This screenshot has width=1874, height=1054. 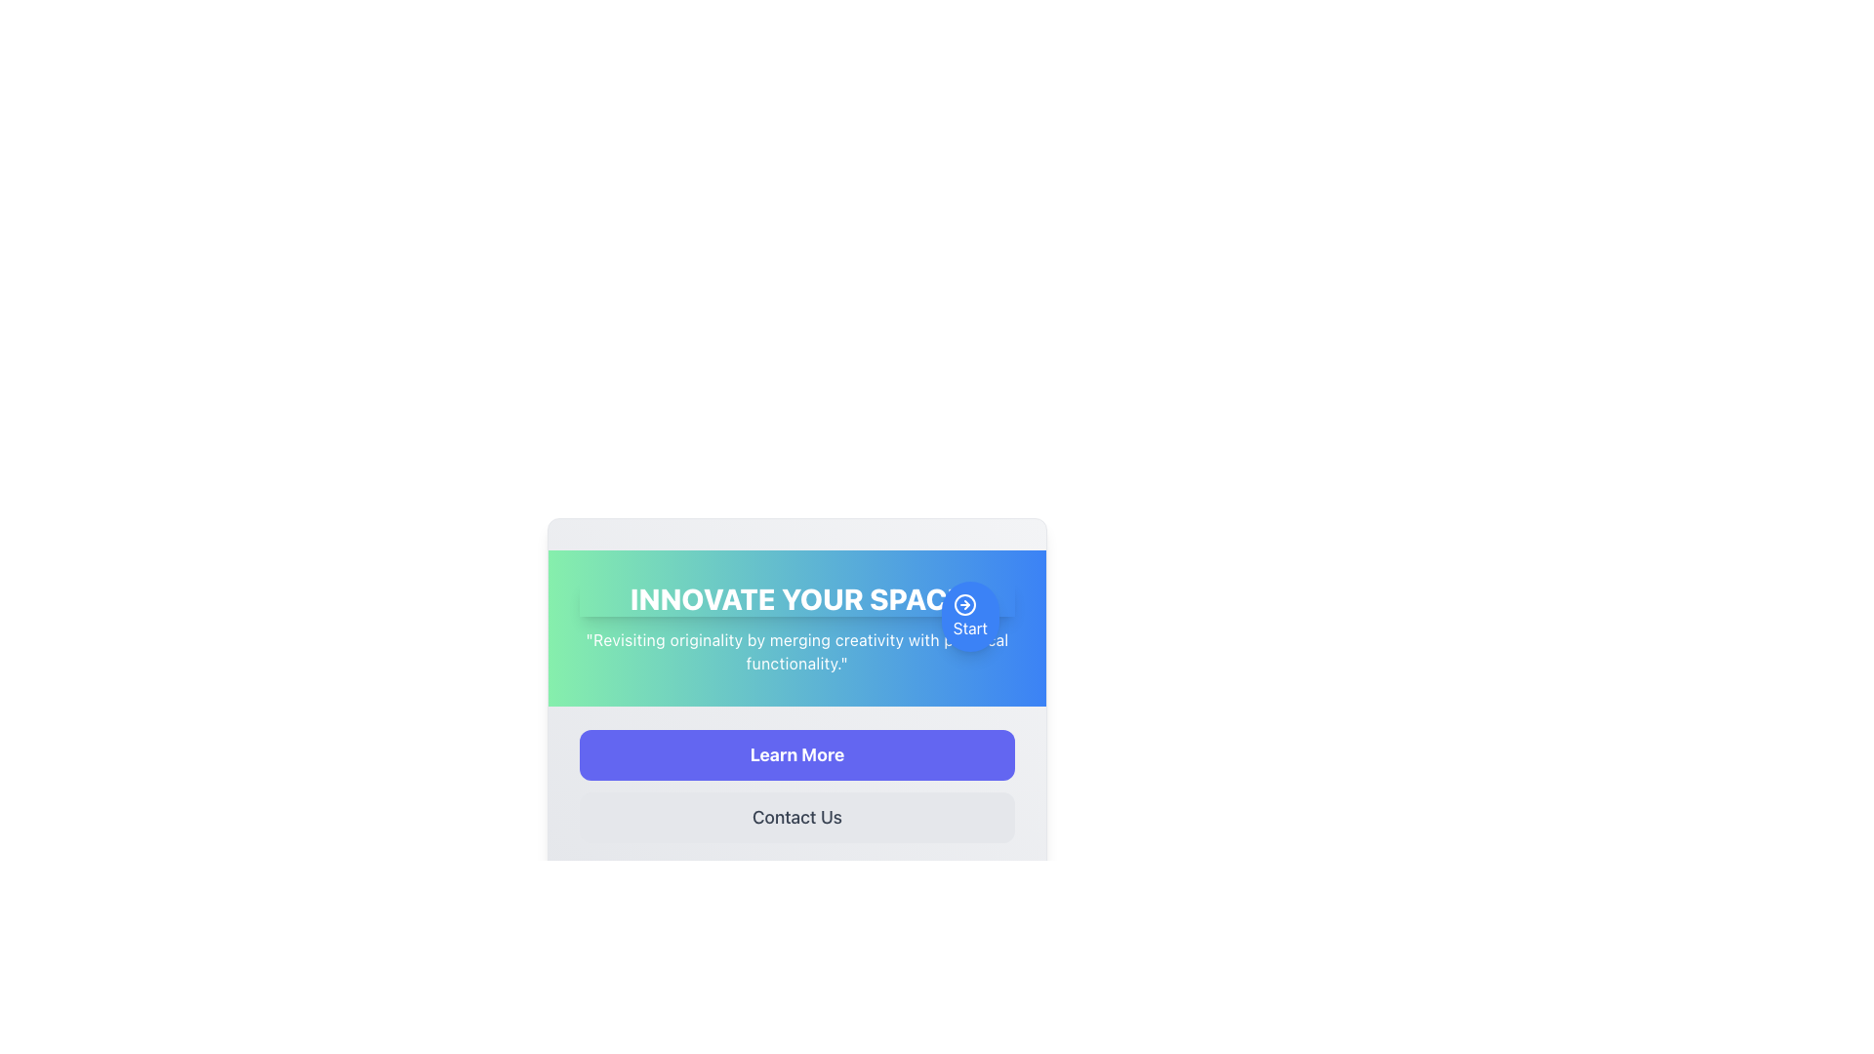 What do you see at coordinates (964, 604) in the screenshot?
I see `the SVG circle element which is part of the 'circle-arrow-right' icon located towards the upper right corner of the UI section, near the 'Start' label` at bounding box center [964, 604].